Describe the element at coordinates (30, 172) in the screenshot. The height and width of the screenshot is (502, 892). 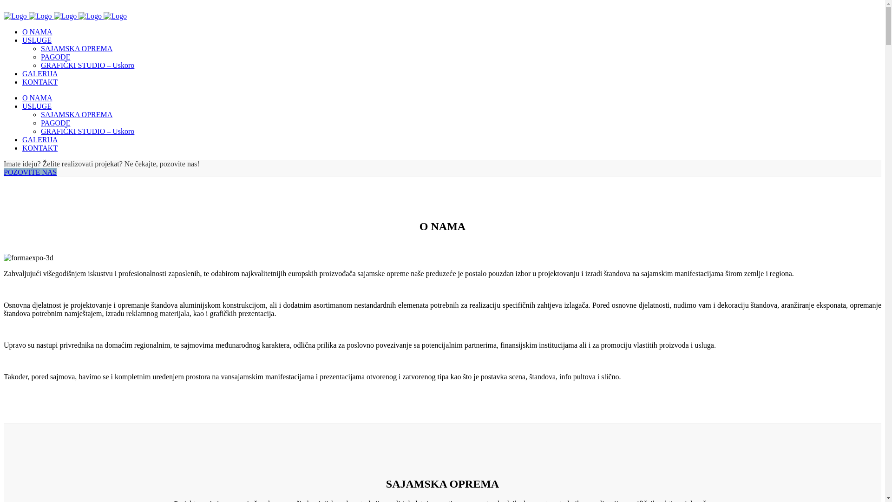
I see `'POZOVITE NAS'` at that location.